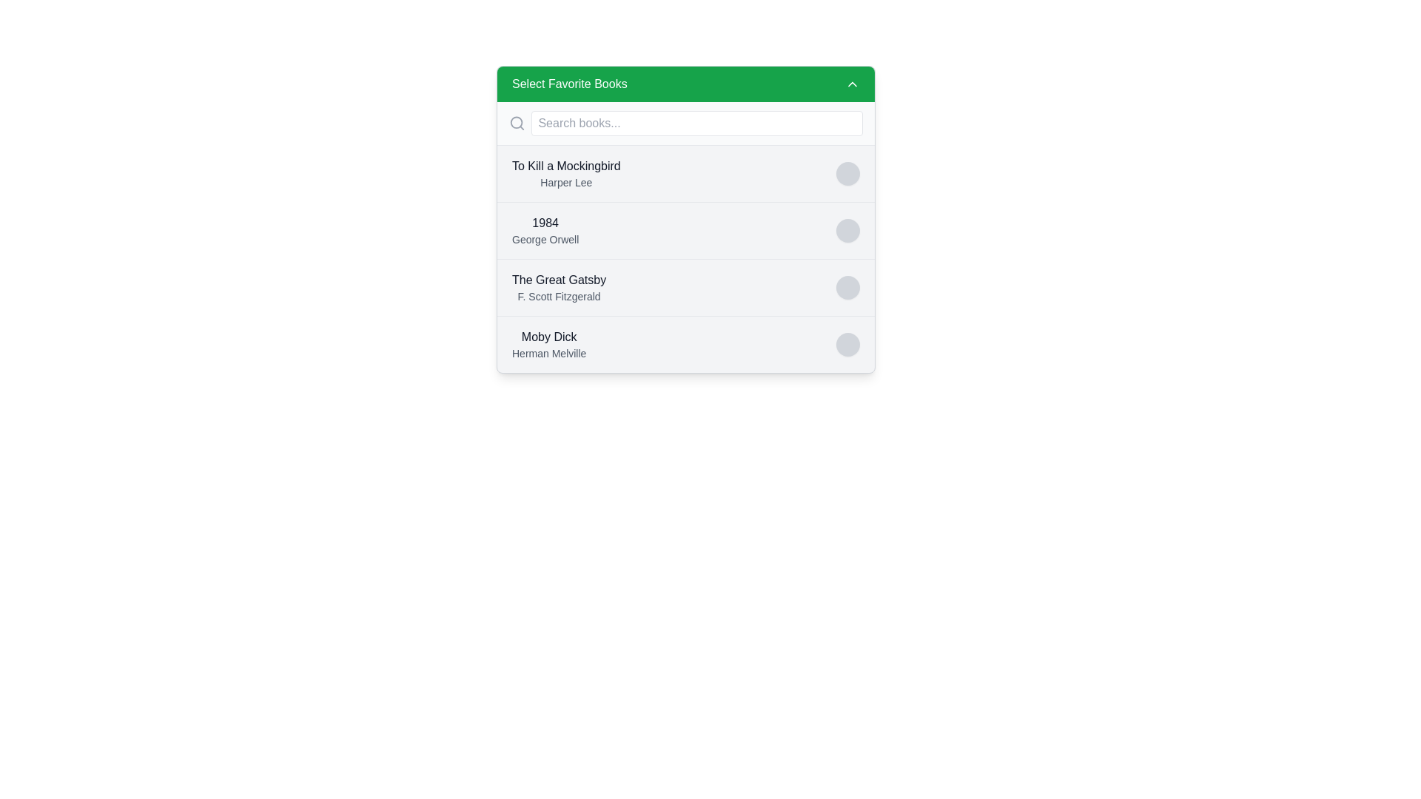 This screenshot has width=1421, height=799. Describe the element at coordinates (558, 297) in the screenshot. I see `the text label indicating the author's name for 'The Great Gatsby', which is located in the third row of the book selection interface` at that location.